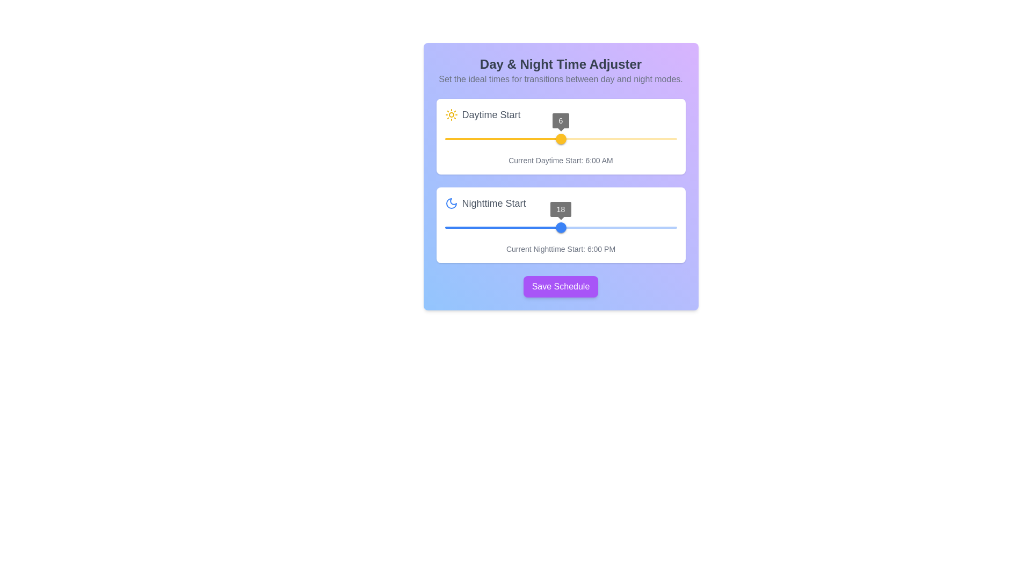  What do you see at coordinates (454, 227) in the screenshot?
I see `the nighttime slider` at bounding box center [454, 227].